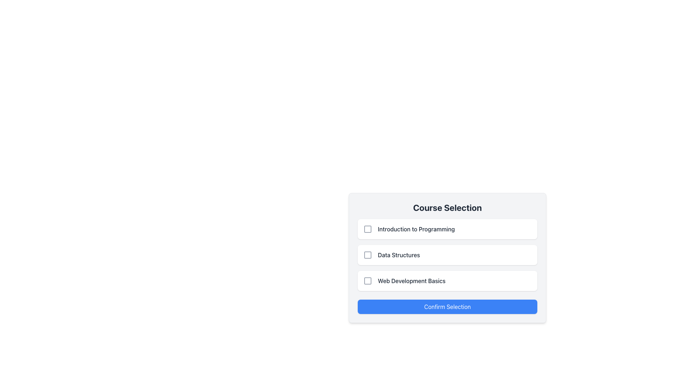 Image resolution: width=691 pixels, height=388 pixels. What do you see at coordinates (416, 229) in the screenshot?
I see `the text label displaying 'Introduction to Programming' located in the 'Course Selection' section, positioned to the right of the checkbox icon` at bounding box center [416, 229].